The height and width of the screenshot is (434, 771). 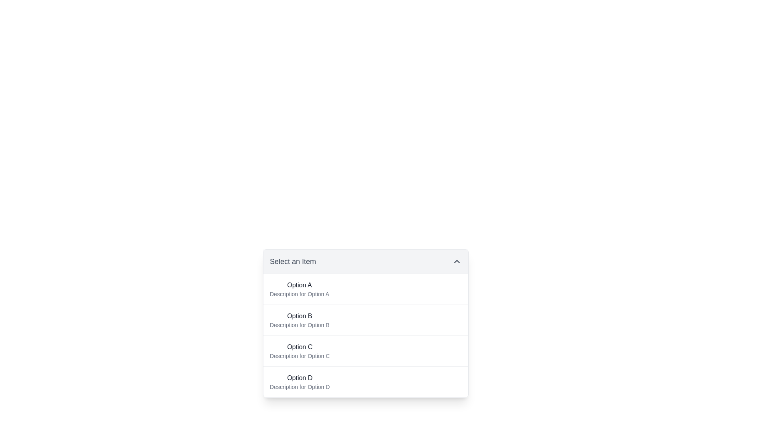 I want to click on the list item titled 'Option D' with the description 'Description for Option D', so click(x=299, y=382).